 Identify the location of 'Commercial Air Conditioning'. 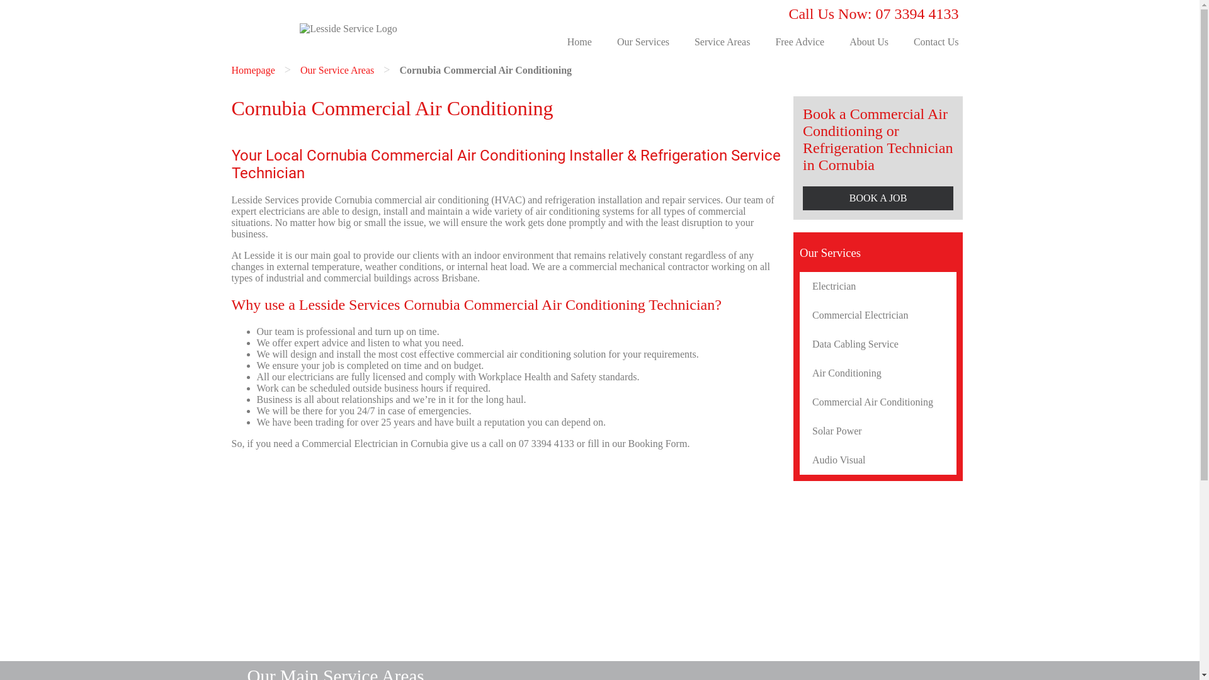
(877, 402).